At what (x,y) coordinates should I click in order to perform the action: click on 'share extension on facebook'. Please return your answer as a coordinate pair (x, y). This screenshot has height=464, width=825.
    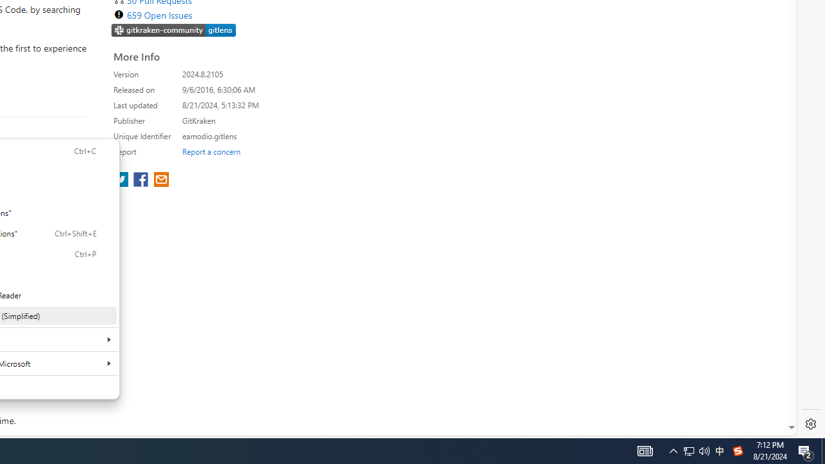
    Looking at the image, I should click on (142, 180).